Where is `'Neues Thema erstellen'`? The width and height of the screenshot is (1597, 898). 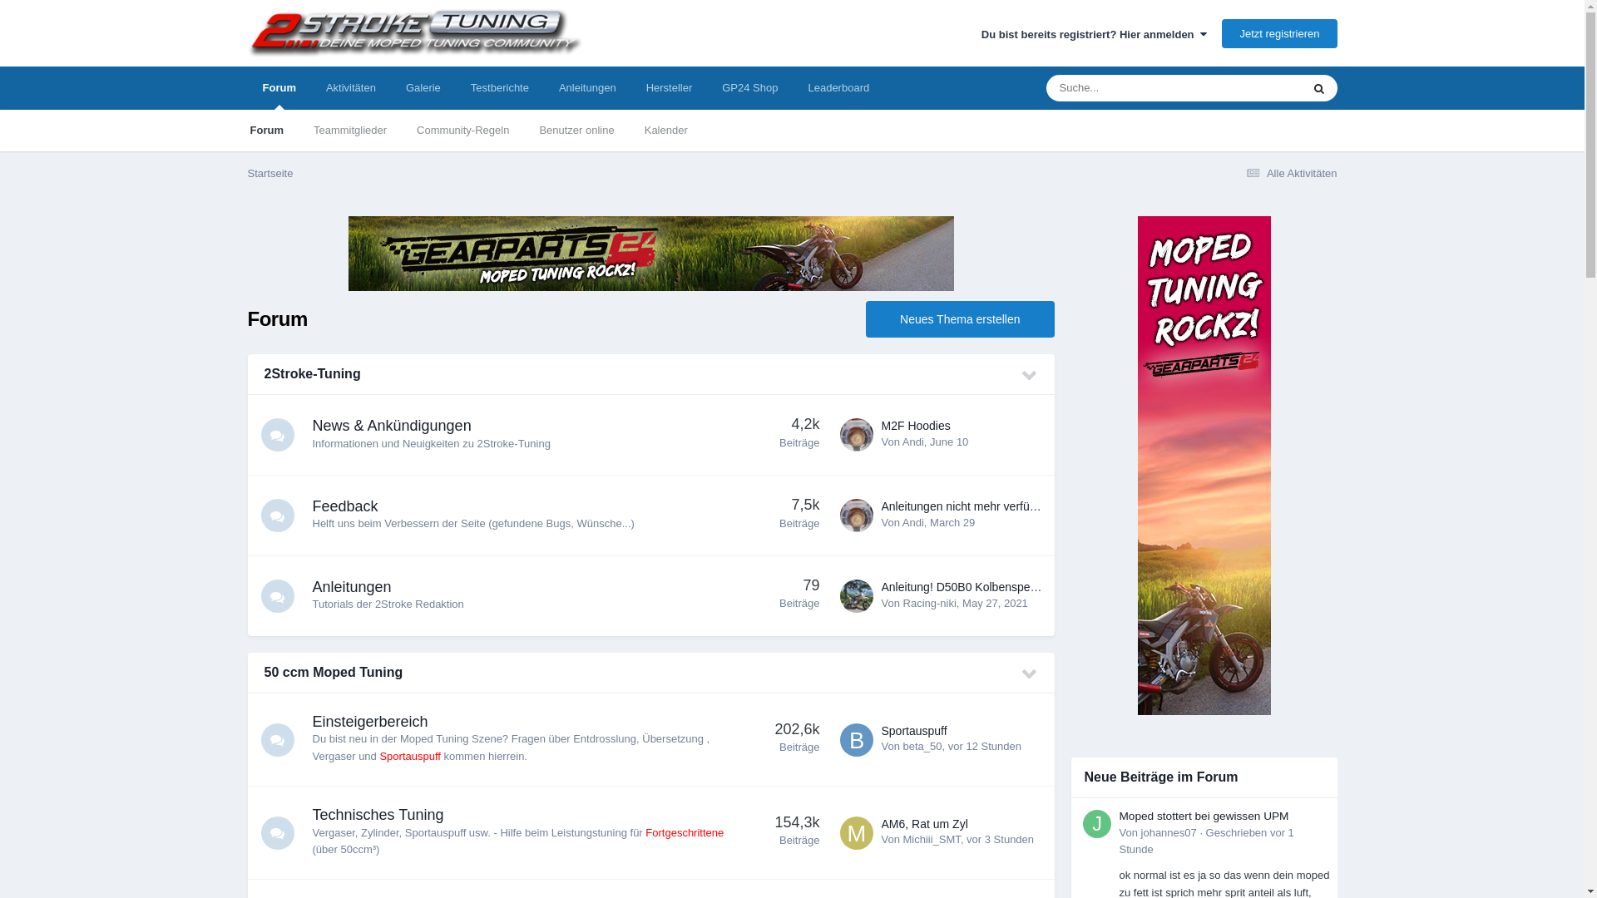
'Neues Thema erstellen' is located at coordinates (865, 319).